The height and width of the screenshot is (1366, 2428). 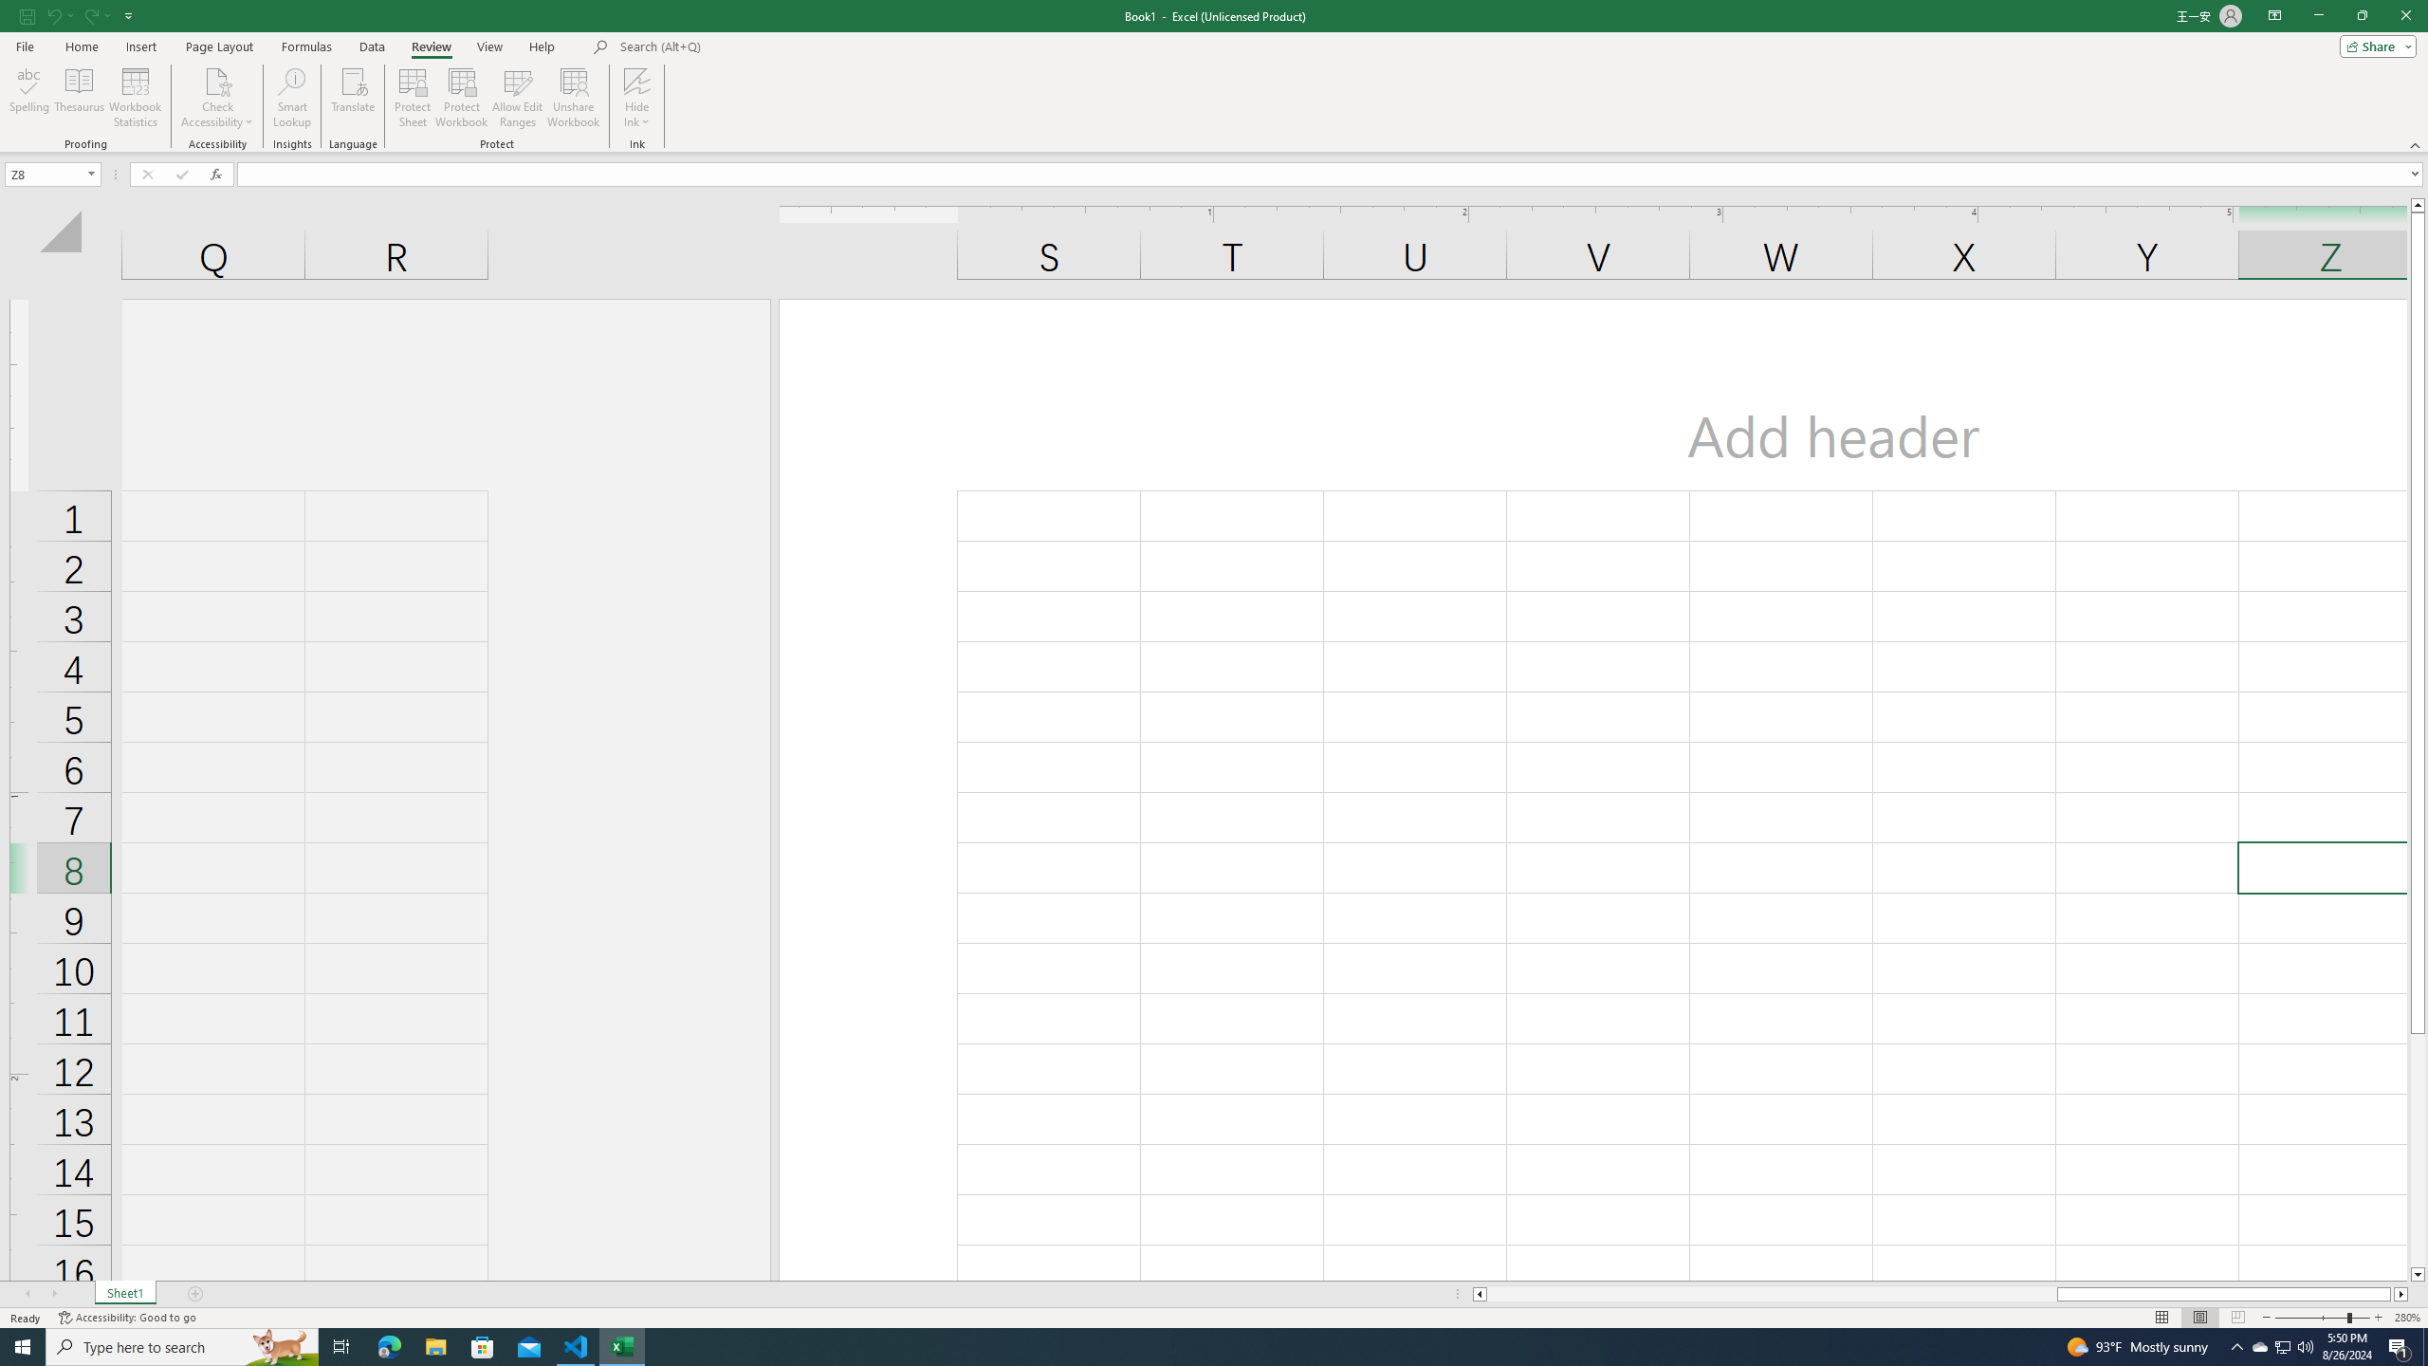 What do you see at coordinates (518, 98) in the screenshot?
I see `'Allow Edit Ranges'` at bounding box center [518, 98].